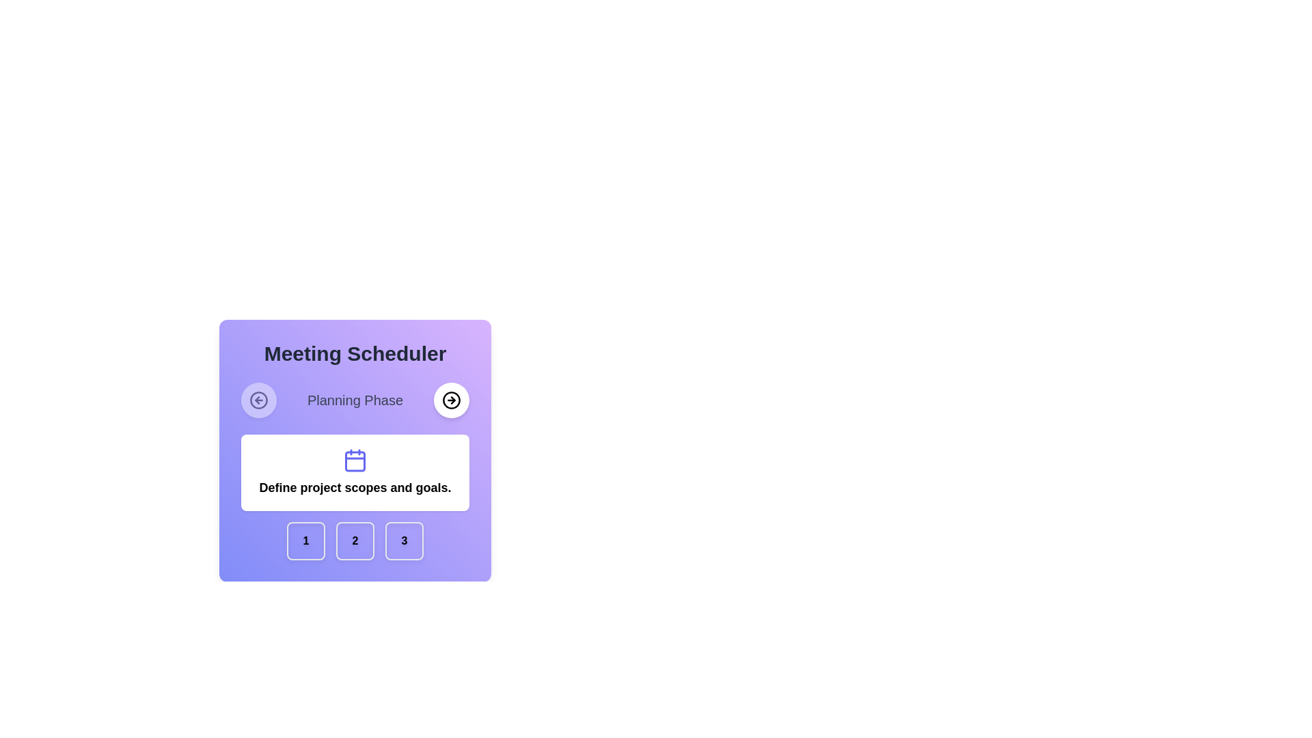 The height and width of the screenshot is (738, 1312). Describe the element at coordinates (355, 442) in the screenshot. I see `the informative text block with an icon located centrally below the 'Meeting Scheduler' title and above the buttons labeled '1', '2', and '3'` at that location.